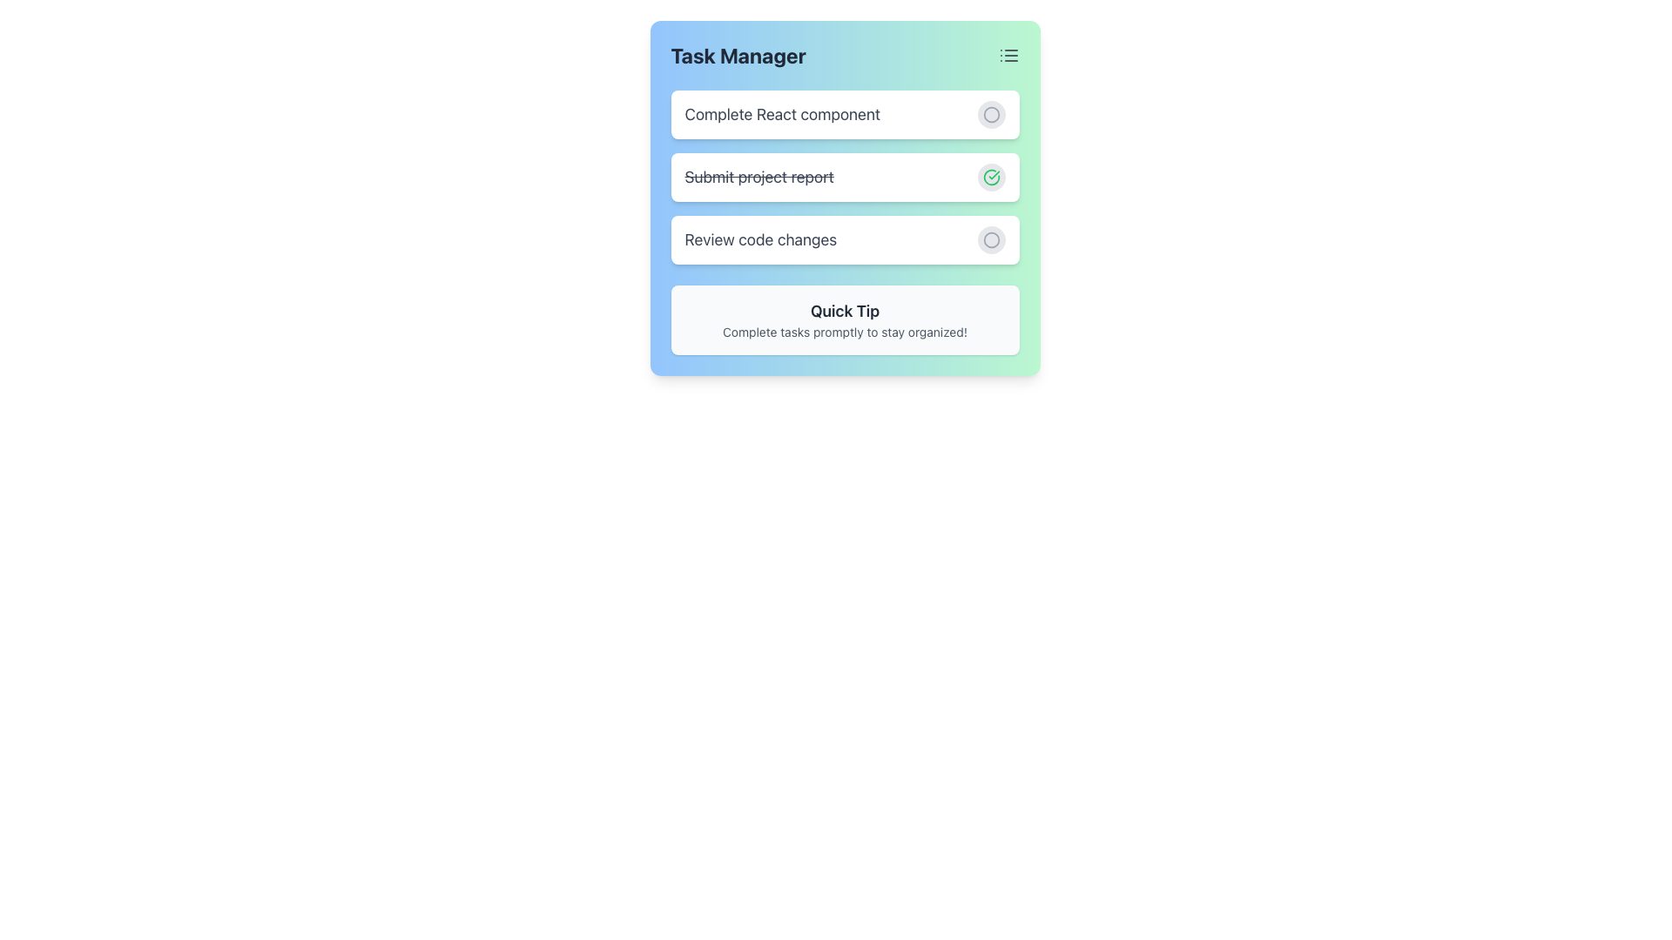 This screenshot has height=940, width=1672. What do you see at coordinates (845, 114) in the screenshot?
I see `the first task item in the task list` at bounding box center [845, 114].